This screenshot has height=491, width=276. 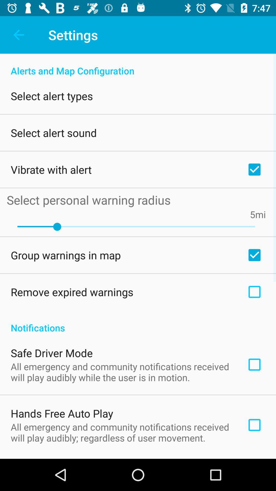 I want to click on icon below all emergency and app, so click(x=138, y=457).